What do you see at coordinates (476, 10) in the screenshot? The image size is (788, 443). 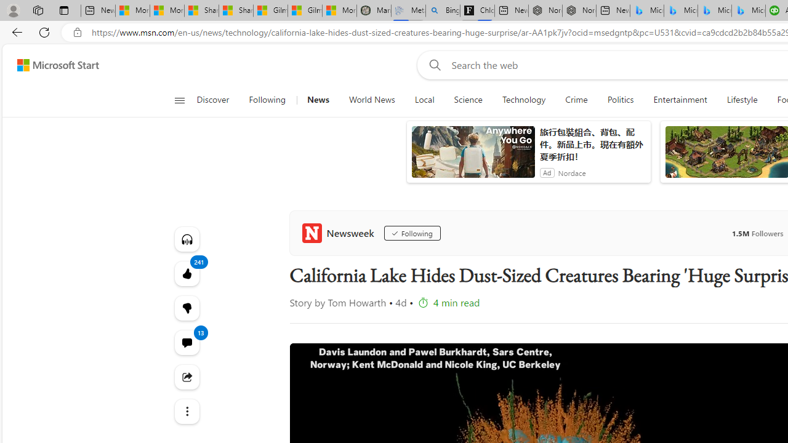 I see `'Chloe Sorvino'` at bounding box center [476, 10].